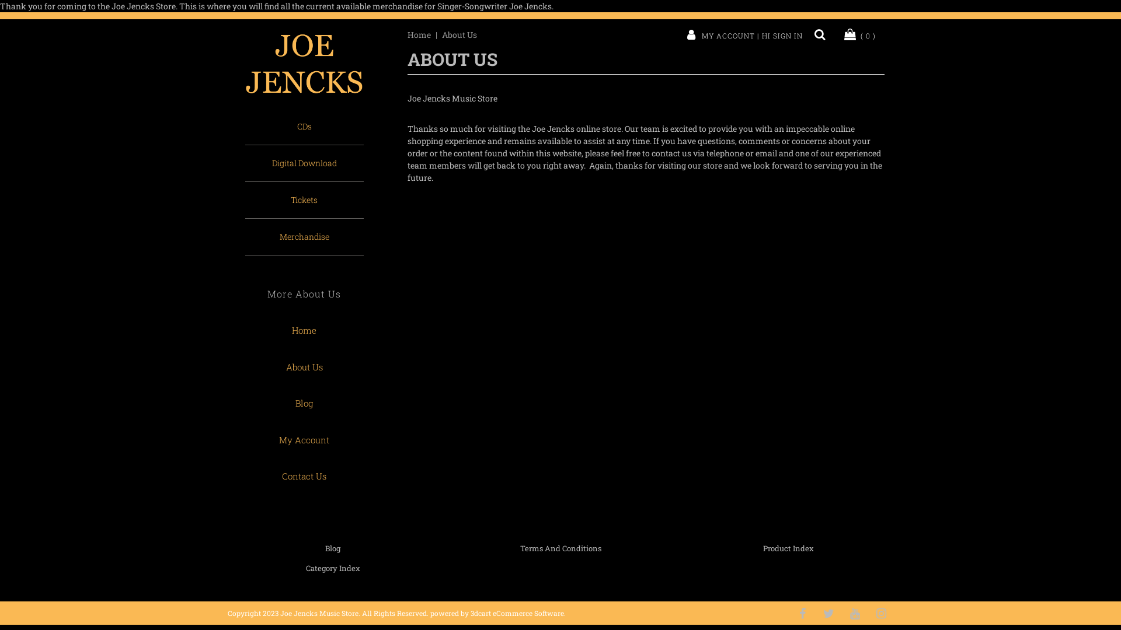 Image resolution: width=1121 pixels, height=630 pixels. I want to click on 'Follow Us on Twitter', so click(828, 611).